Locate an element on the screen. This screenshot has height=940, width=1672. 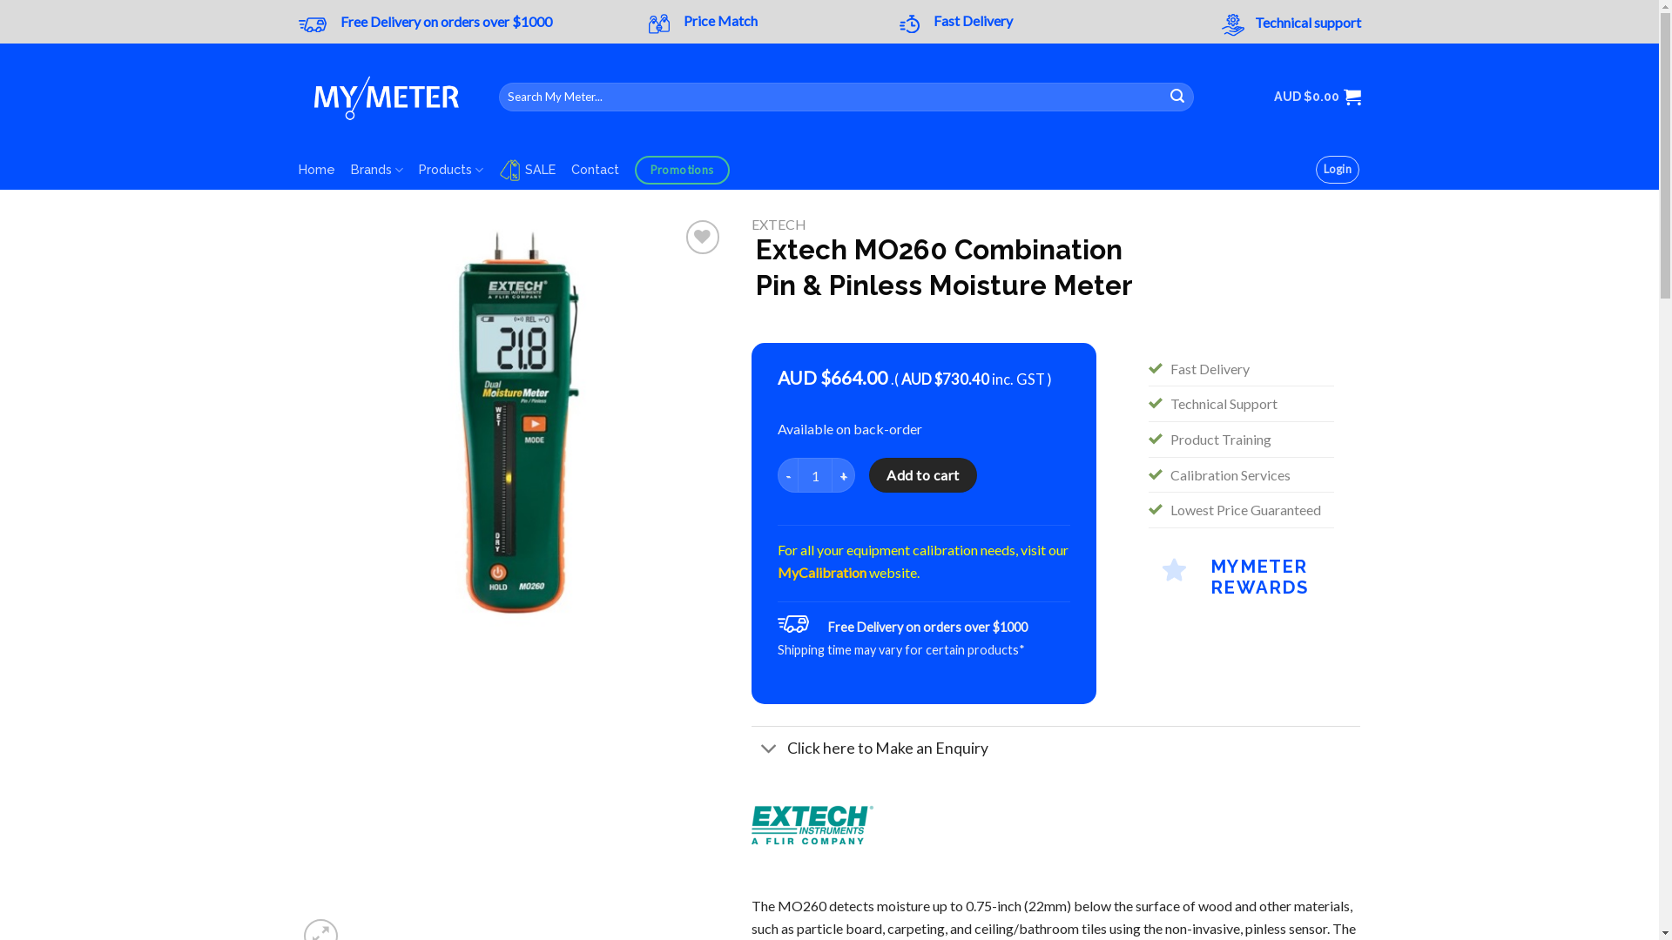
'Technical Support' is located at coordinates (1223, 403).